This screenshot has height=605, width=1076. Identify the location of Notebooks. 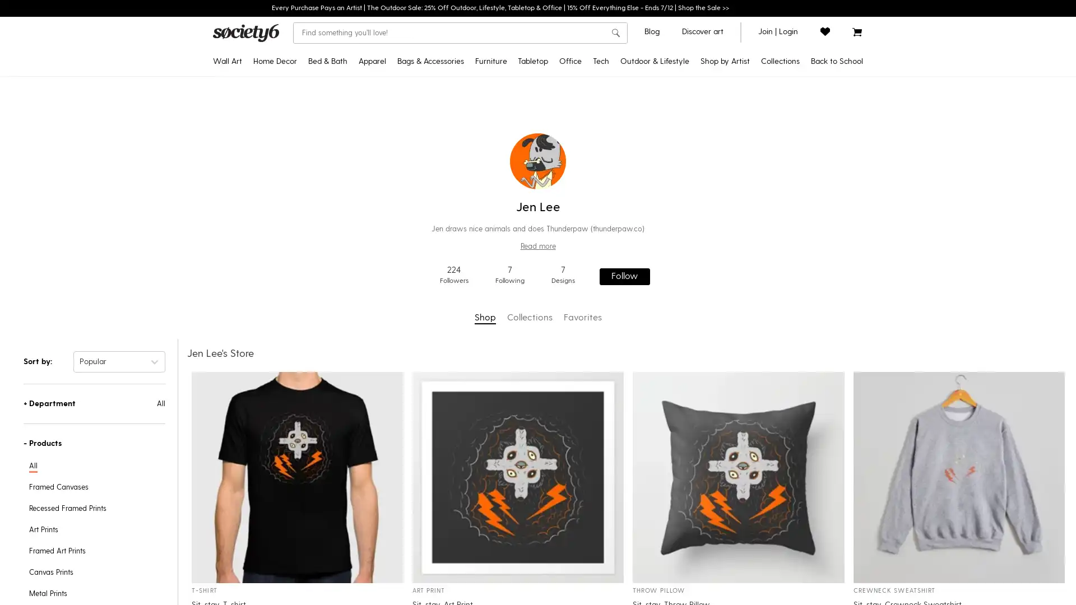
(598, 126).